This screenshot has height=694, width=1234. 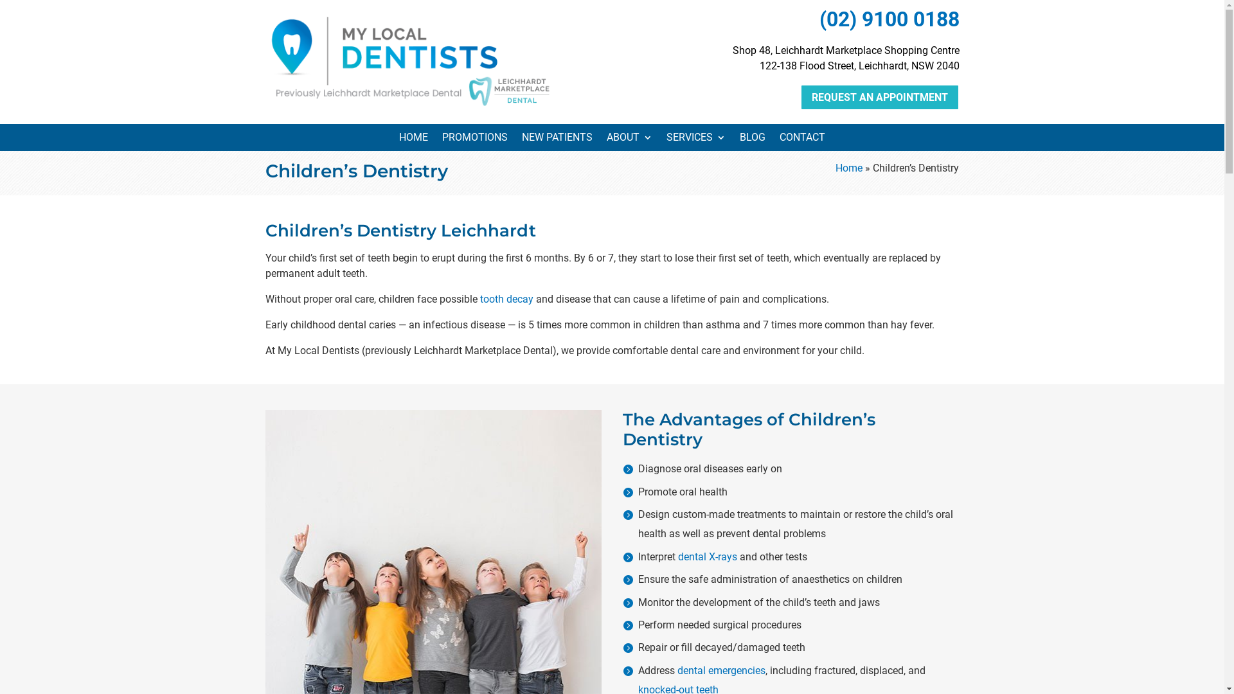 I want to click on 'My-Local-Dentists-Previously-Leichhardt-Marketplace-Dental', so click(x=409, y=60).